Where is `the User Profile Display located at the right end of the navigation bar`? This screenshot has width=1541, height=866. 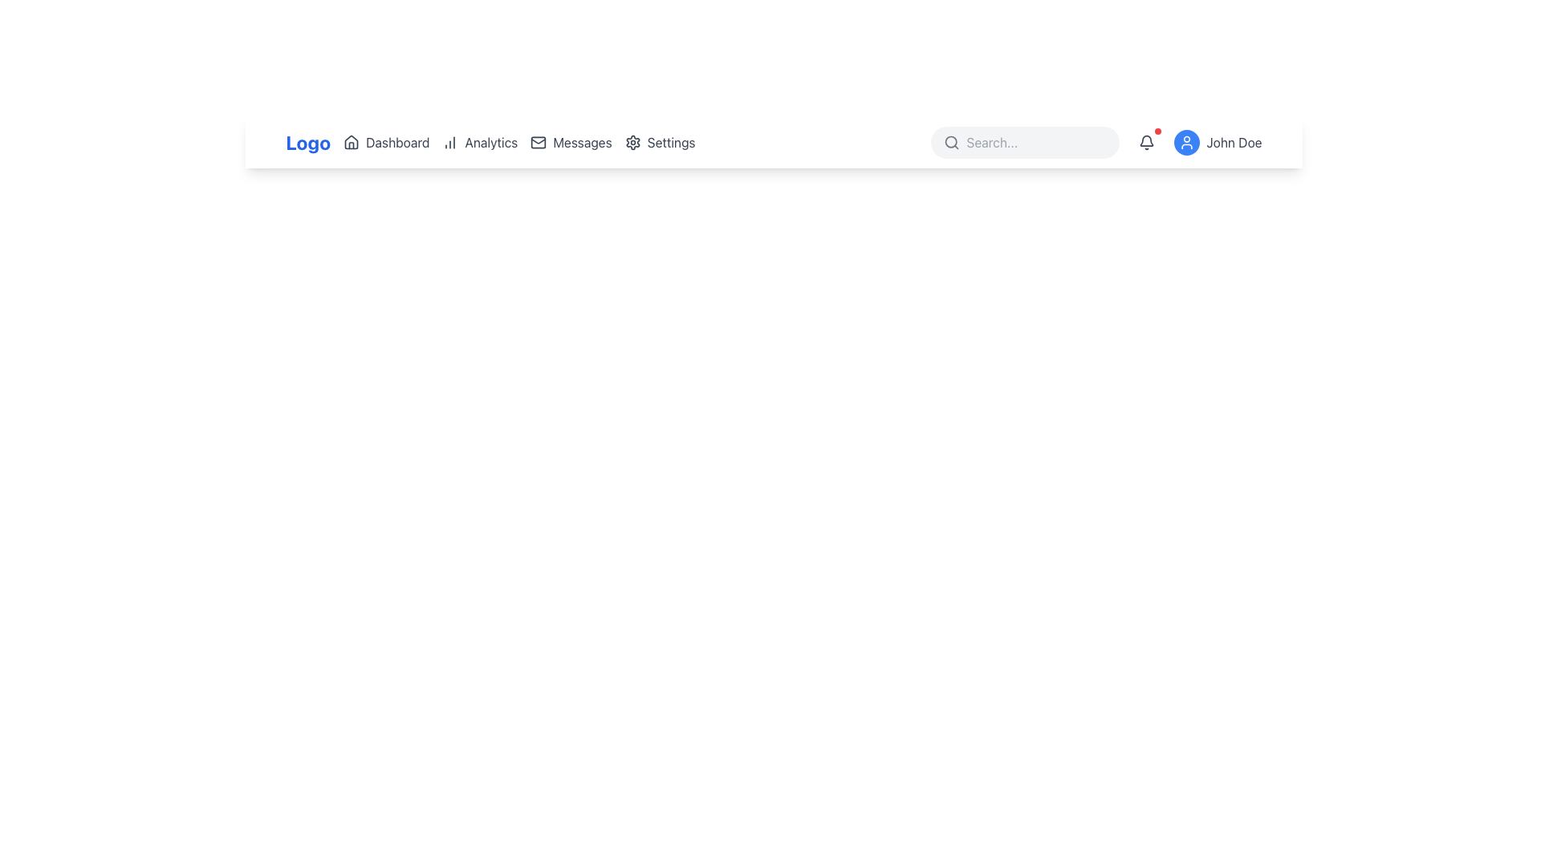
the User Profile Display located at the right end of the navigation bar is located at coordinates (1218, 141).